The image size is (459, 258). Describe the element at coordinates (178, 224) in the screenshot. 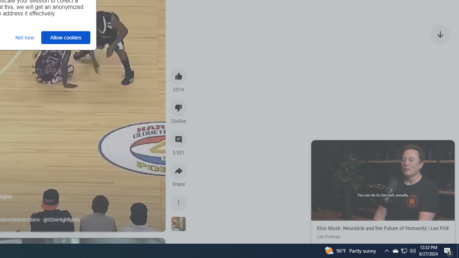

I see `'See more videos using this sound'` at that location.